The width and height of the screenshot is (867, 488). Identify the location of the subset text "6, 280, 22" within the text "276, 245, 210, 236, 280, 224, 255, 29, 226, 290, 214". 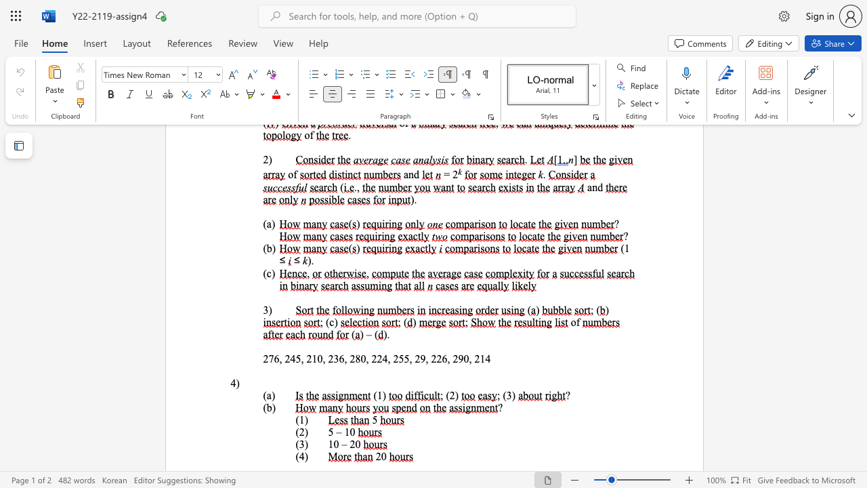
(339, 358).